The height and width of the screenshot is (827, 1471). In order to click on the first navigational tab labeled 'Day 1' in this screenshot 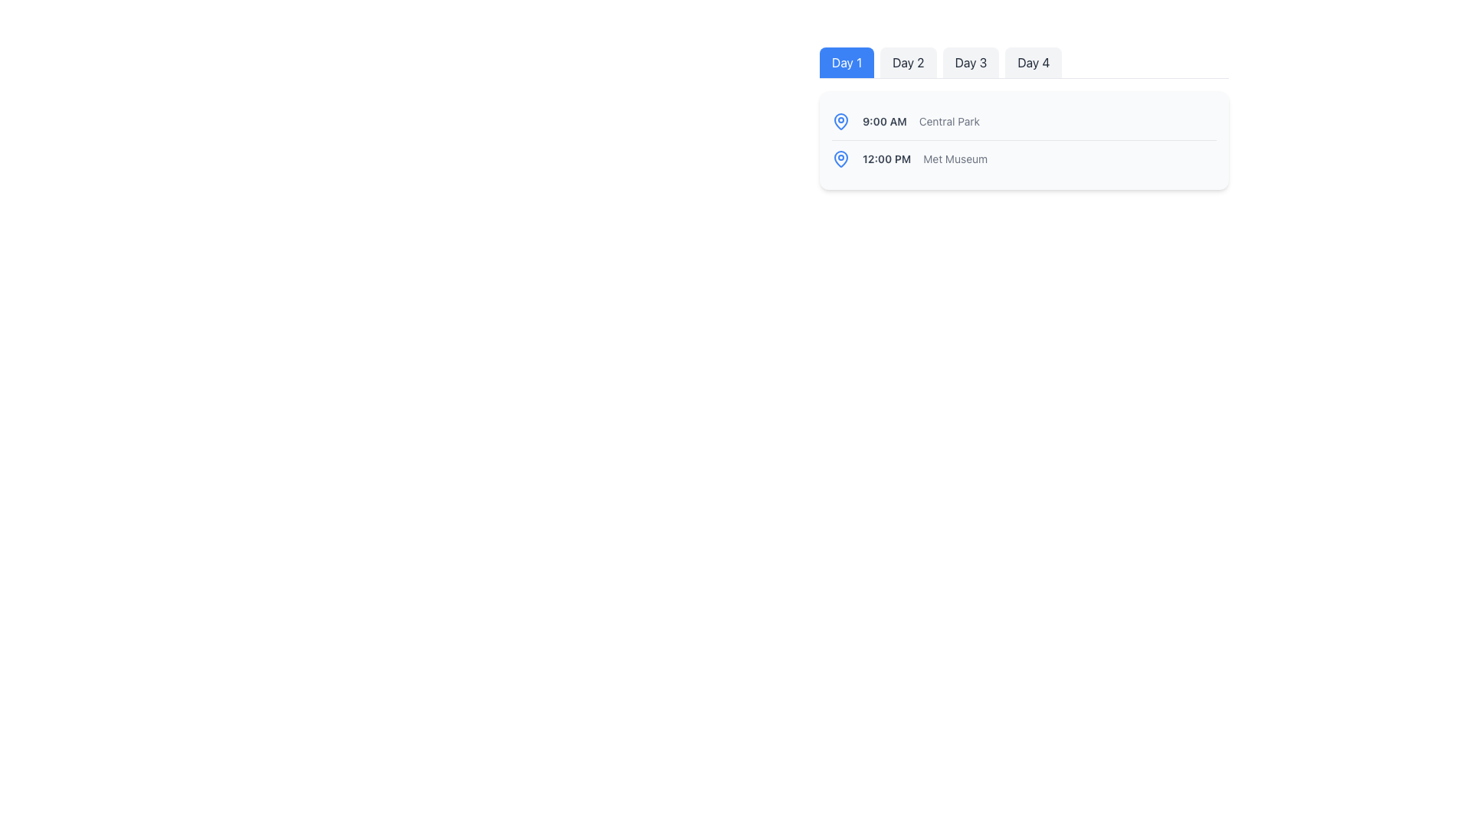, I will do `click(846, 61)`.